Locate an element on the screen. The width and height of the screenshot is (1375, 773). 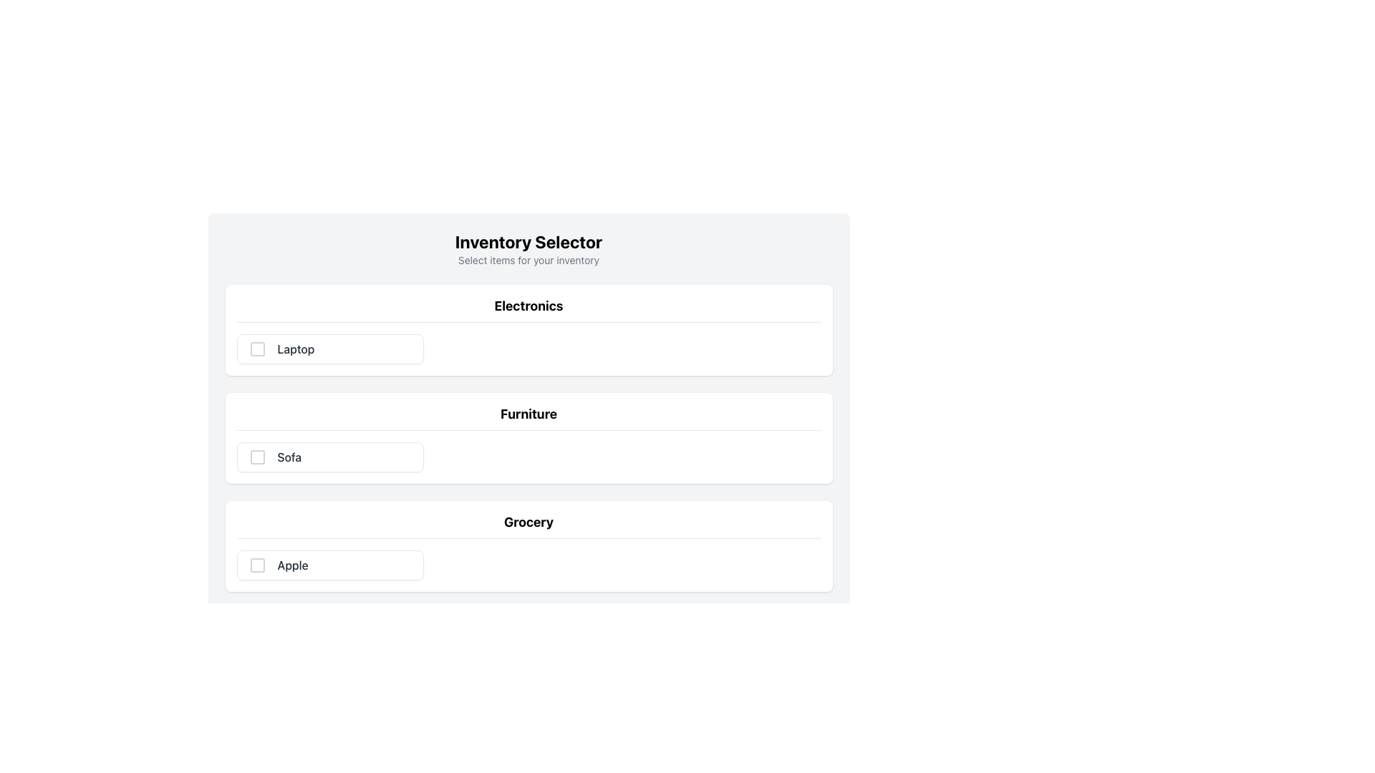
the Decorative SVG subcomponent within the 'Furniture' group of the Inventory Selector interface to interact with it is located at coordinates (257, 457).